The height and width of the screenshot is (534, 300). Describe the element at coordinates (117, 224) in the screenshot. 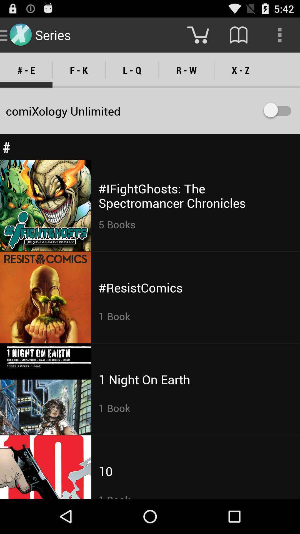

I see `the 5 books item` at that location.